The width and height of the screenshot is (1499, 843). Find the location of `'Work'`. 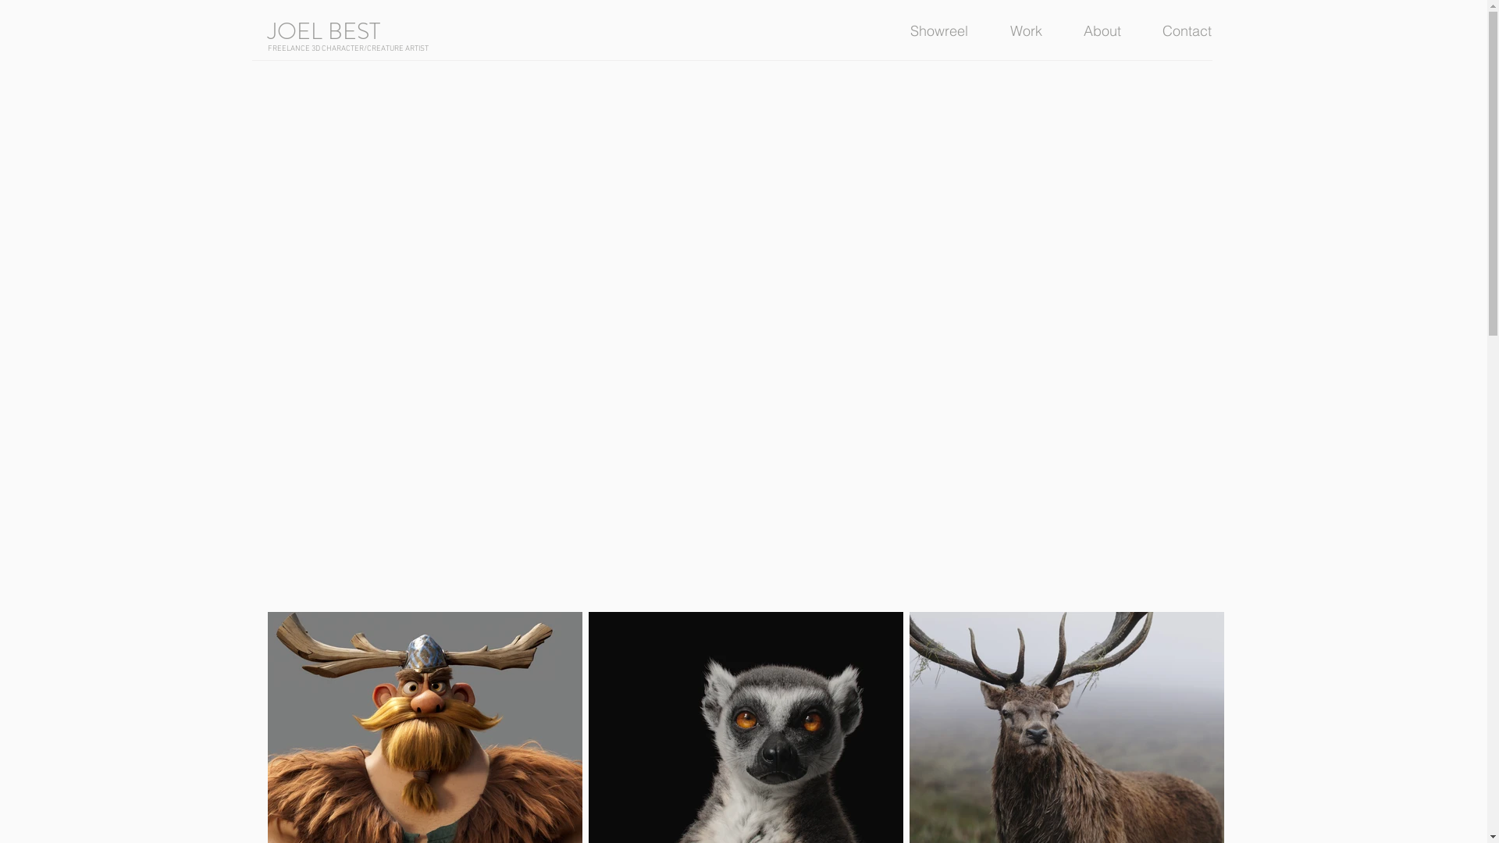

'Work' is located at coordinates (996, 30).